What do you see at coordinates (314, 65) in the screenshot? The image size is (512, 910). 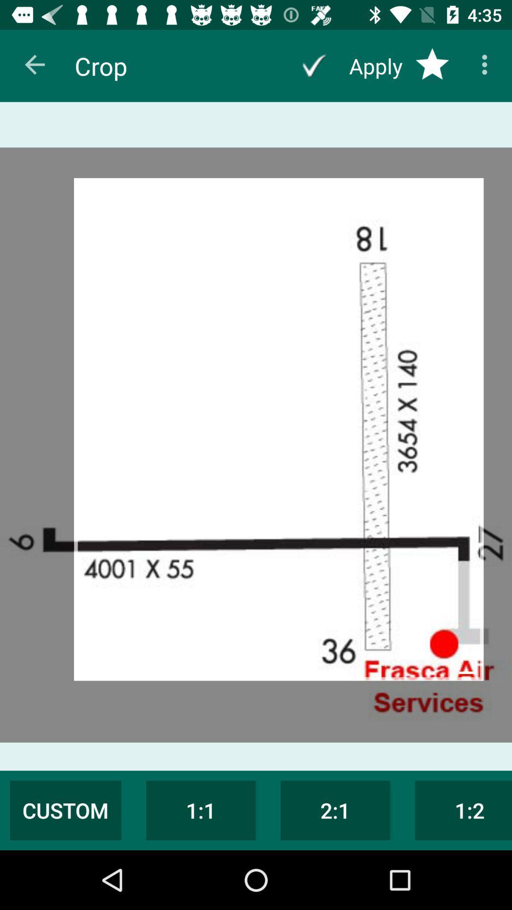 I see `apply` at bounding box center [314, 65].